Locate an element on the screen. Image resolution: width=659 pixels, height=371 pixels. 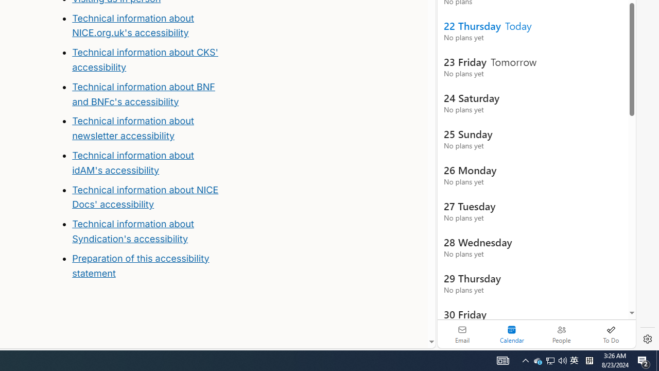
'To Do' is located at coordinates (611, 334).